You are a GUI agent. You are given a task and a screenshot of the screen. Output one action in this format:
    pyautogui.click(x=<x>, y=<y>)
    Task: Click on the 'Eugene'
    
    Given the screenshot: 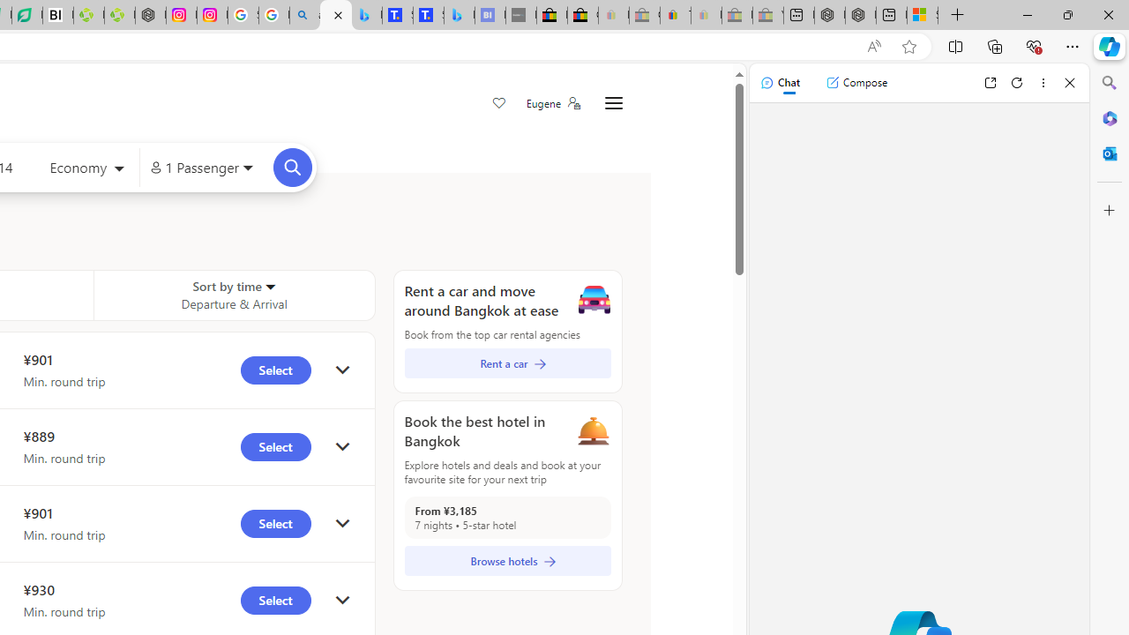 What is the action you would take?
    pyautogui.click(x=551, y=103)
    